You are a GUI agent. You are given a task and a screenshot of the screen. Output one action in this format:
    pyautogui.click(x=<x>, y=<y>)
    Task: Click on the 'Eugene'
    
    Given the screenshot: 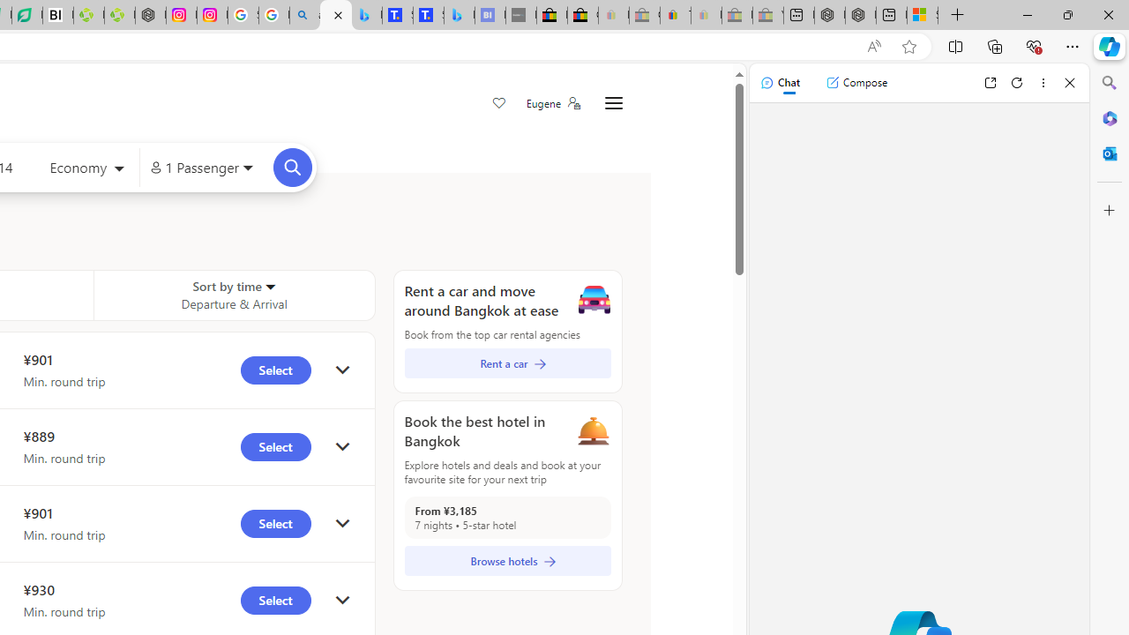 What is the action you would take?
    pyautogui.click(x=551, y=103)
    